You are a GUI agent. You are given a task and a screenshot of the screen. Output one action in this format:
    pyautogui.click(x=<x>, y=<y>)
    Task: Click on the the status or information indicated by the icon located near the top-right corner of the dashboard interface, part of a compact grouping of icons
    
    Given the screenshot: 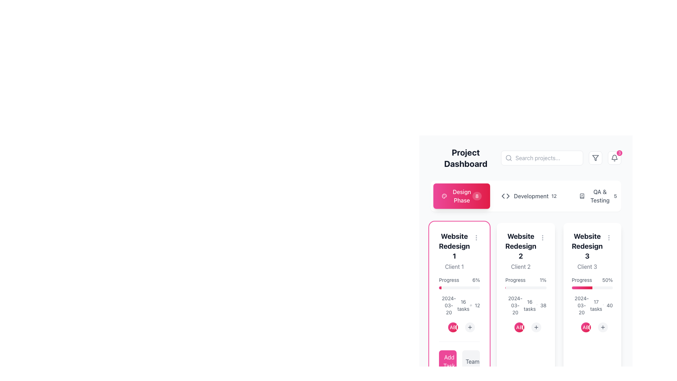 What is the action you would take?
    pyautogui.click(x=582, y=196)
    